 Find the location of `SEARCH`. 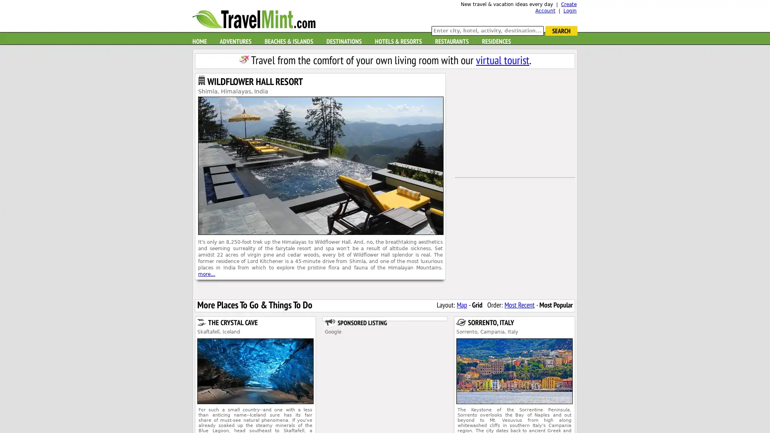

SEARCH is located at coordinates (561, 30).